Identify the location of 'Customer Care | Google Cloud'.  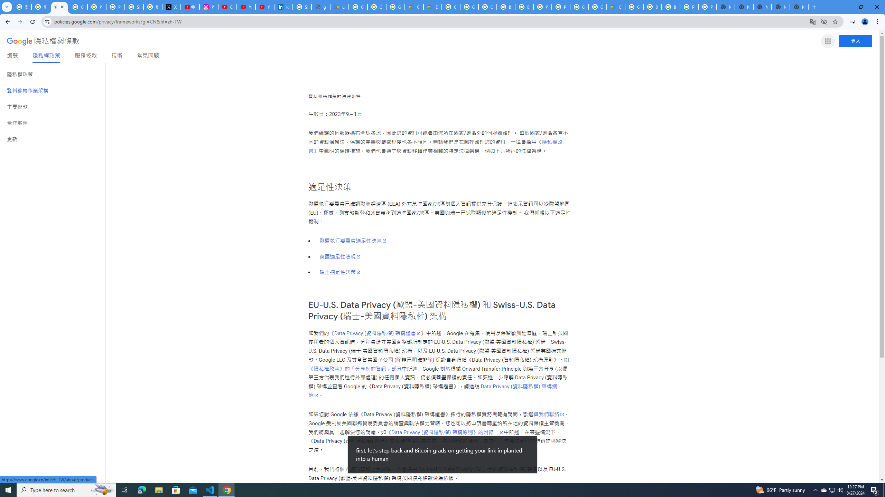
(414, 7).